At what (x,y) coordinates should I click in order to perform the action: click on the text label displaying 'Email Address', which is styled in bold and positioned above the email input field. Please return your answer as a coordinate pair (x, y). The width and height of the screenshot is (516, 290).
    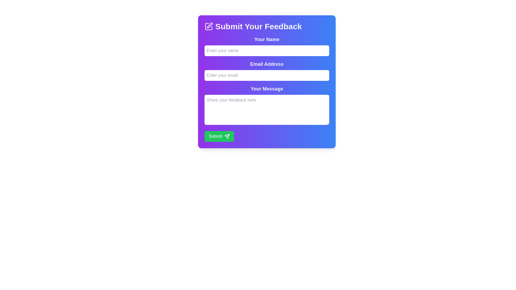
    Looking at the image, I should click on (267, 64).